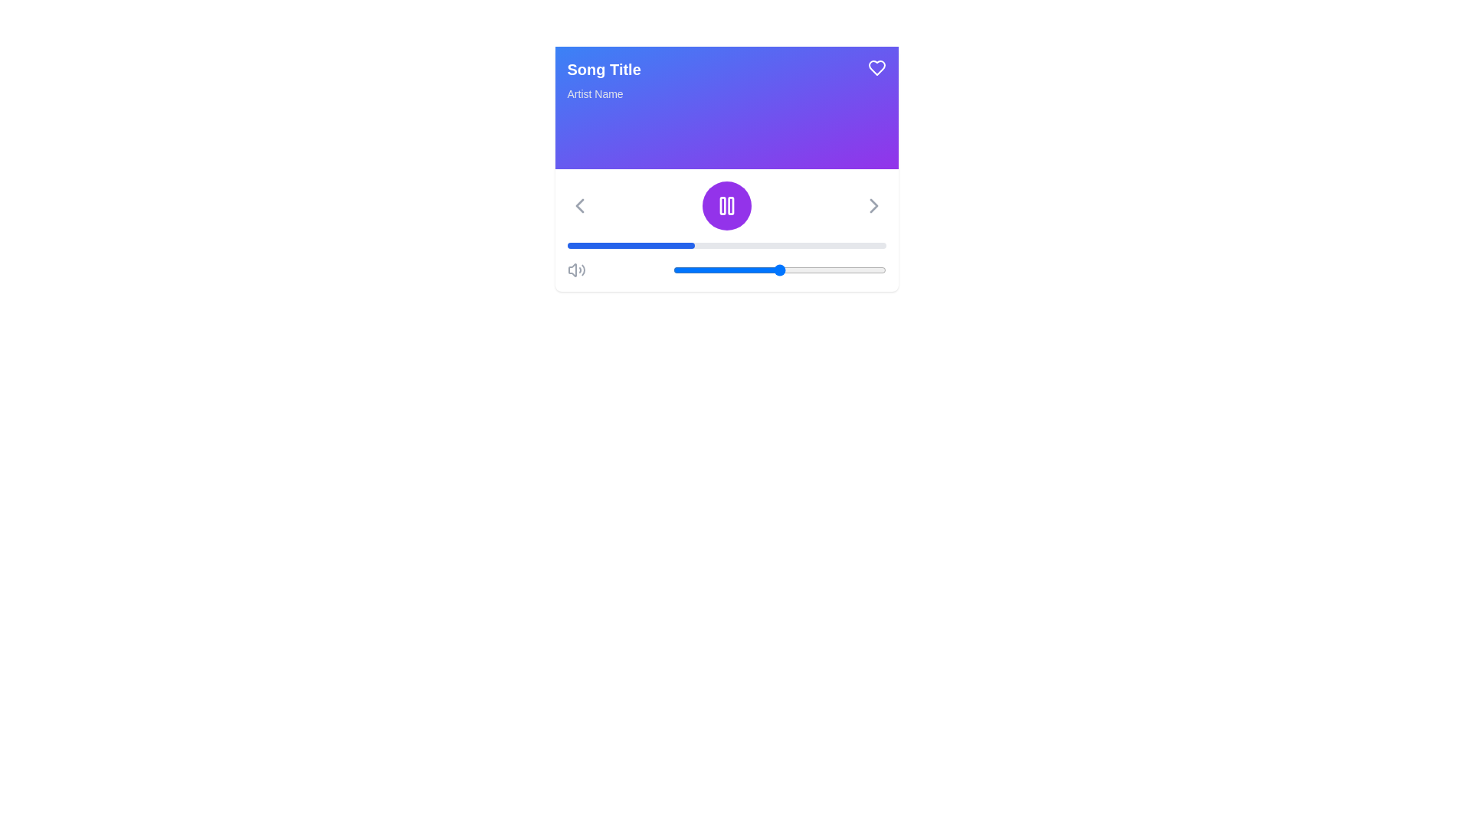 Image resolution: width=1471 pixels, height=827 pixels. What do you see at coordinates (792, 270) in the screenshot?
I see `volume` at bounding box center [792, 270].